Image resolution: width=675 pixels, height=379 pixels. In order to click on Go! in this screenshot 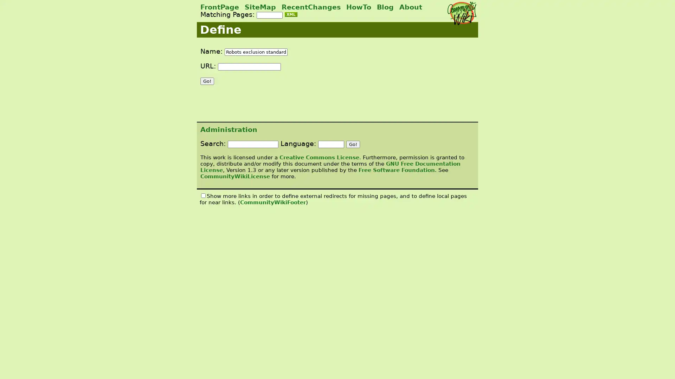, I will do `click(353, 144)`.